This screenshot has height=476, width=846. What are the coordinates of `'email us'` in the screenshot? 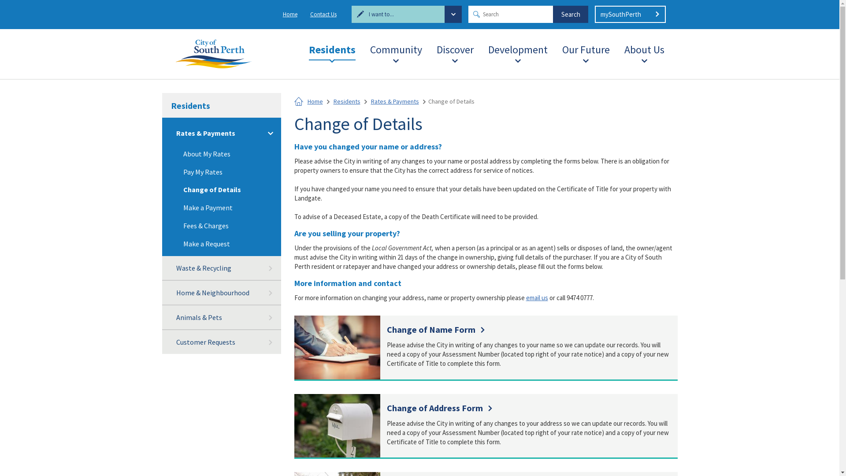 It's located at (537, 297).